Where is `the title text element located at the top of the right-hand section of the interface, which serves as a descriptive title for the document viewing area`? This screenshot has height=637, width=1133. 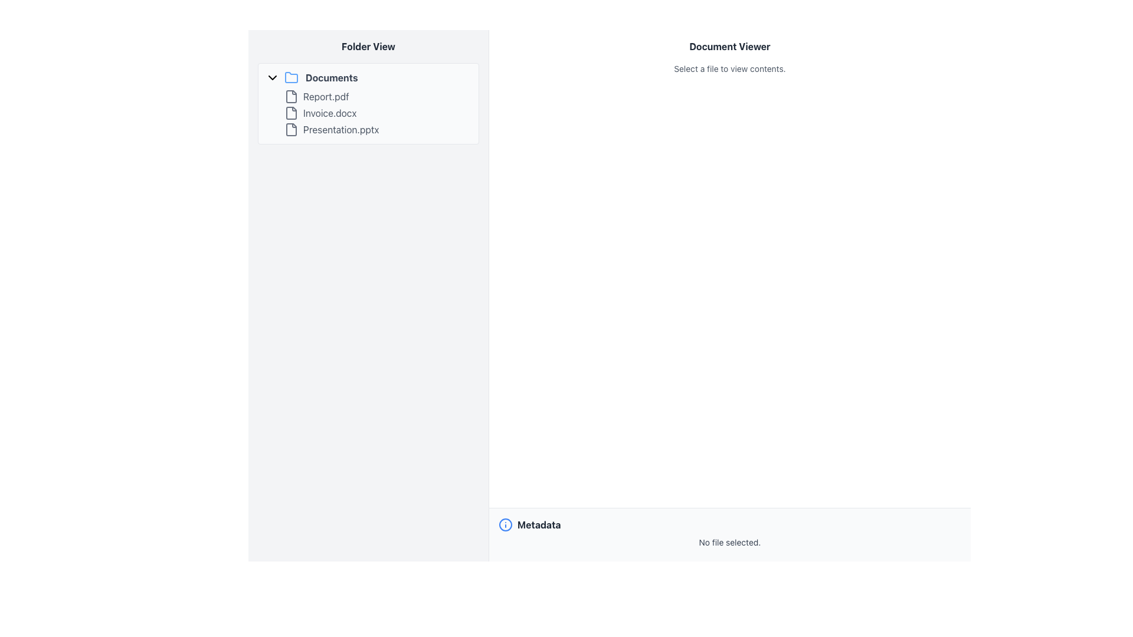
the title text element located at the top of the right-hand section of the interface, which serves as a descriptive title for the document viewing area is located at coordinates (729, 45).